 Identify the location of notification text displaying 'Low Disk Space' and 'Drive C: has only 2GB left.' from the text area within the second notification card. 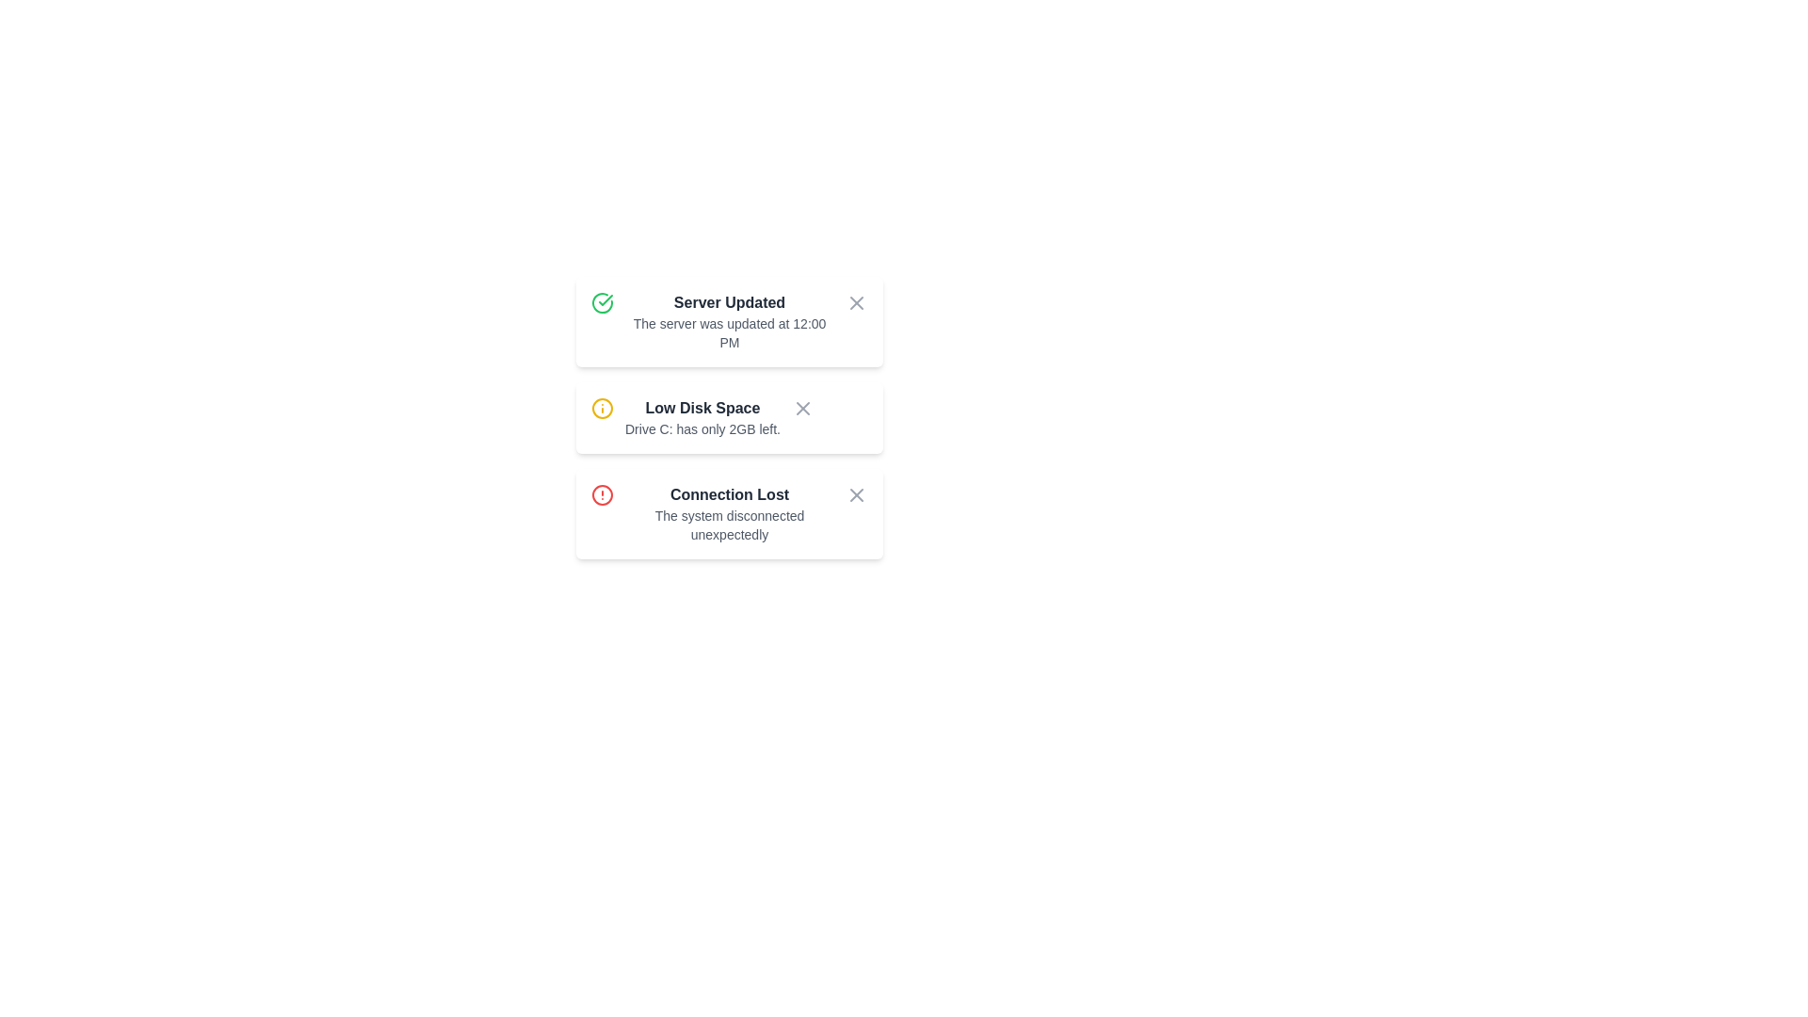
(702, 416).